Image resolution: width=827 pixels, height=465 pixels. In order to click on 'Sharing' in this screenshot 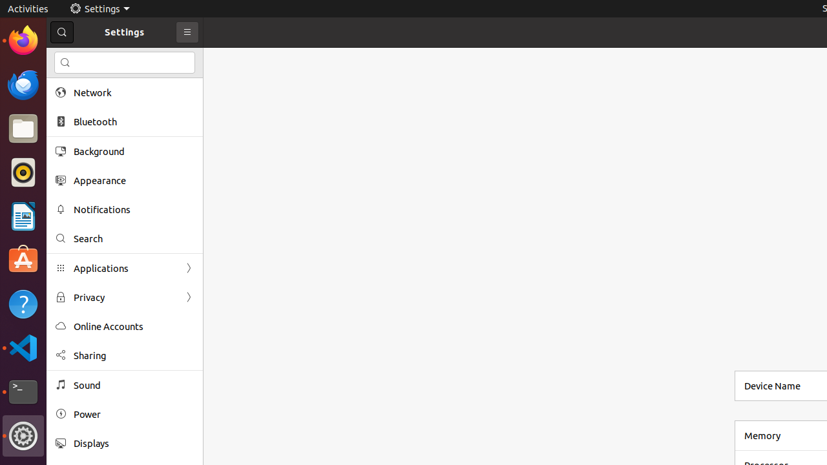, I will do `click(133, 355)`.